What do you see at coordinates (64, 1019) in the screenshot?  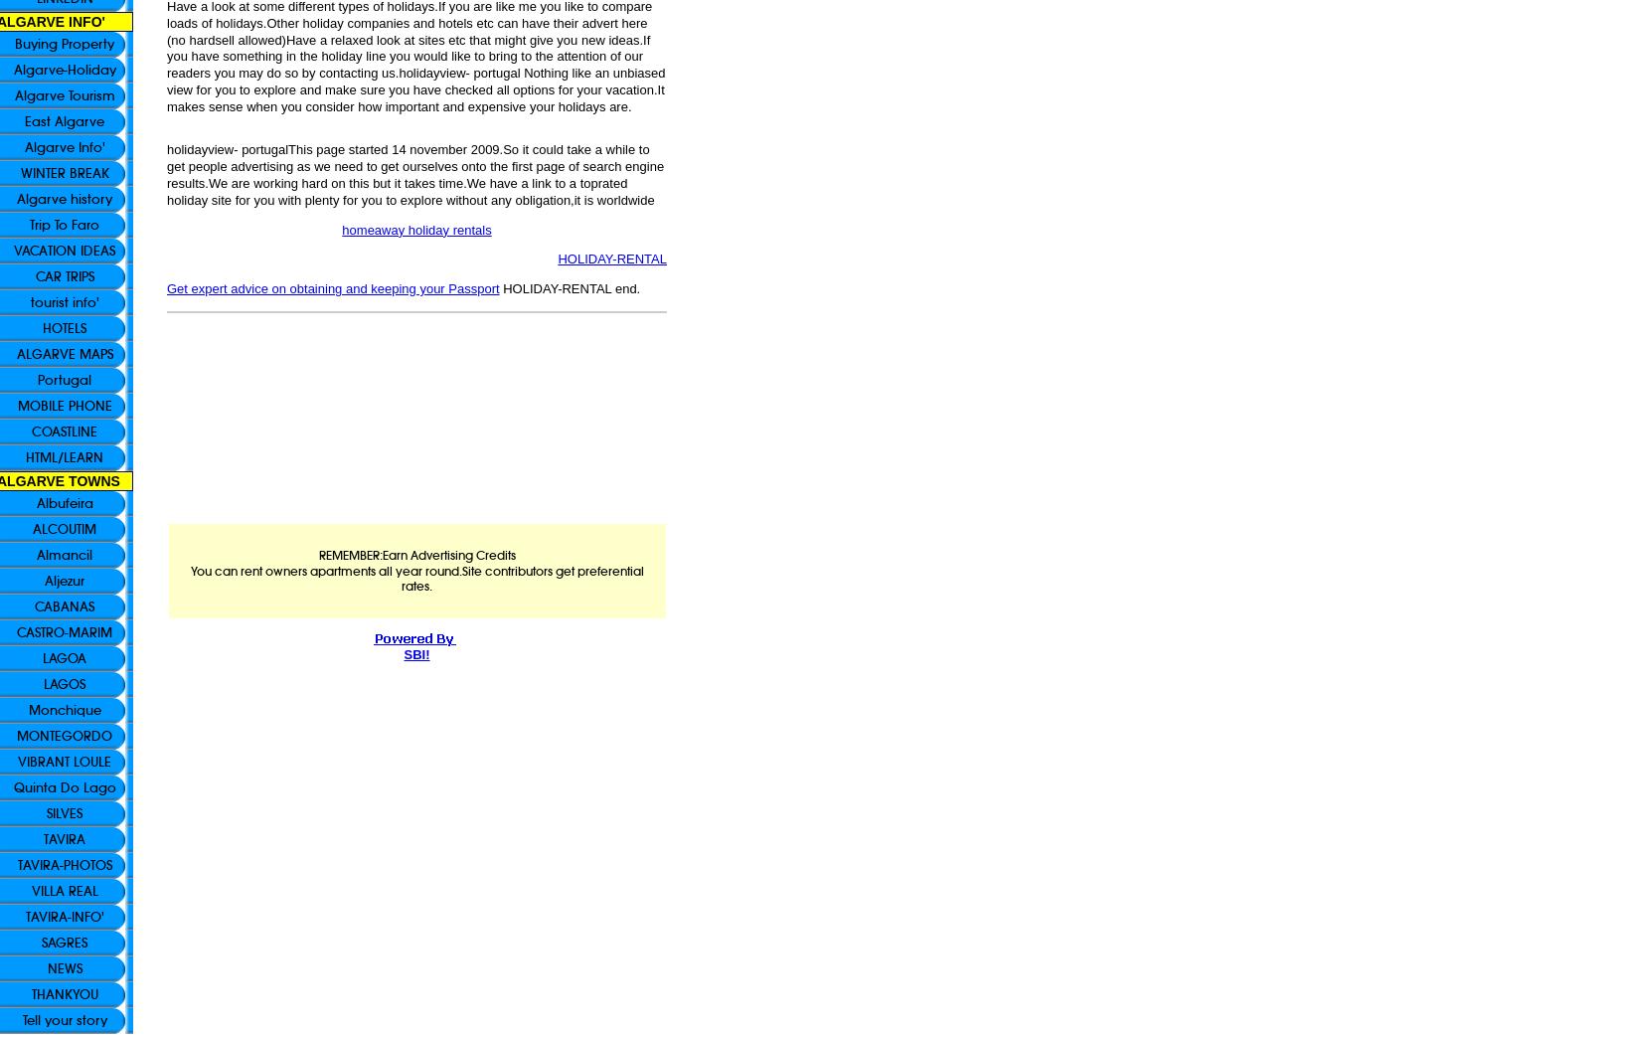 I see `'Tell your story'` at bounding box center [64, 1019].